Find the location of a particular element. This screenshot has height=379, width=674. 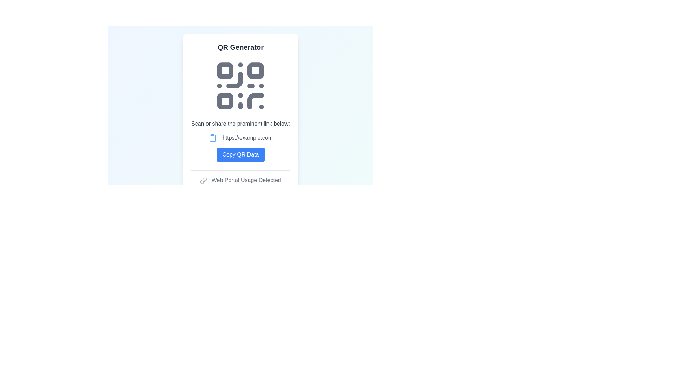

the link-shaped icon represented by two interlocked loops, which is styled in gray and positioned to the left of the text 'Web Portal Usage Detected' is located at coordinates (203, 180).